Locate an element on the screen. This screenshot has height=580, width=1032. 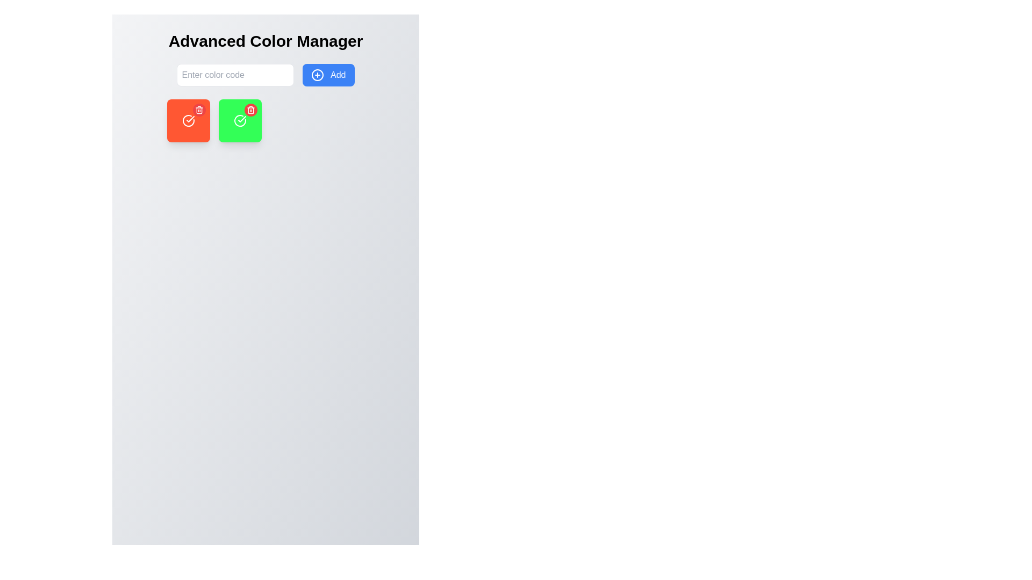
the Trash Icon, which is a red circular button with a trash bin design located in the top-right corner of the red rectangle, indicating a delete action is located at coordinates (250, 110).